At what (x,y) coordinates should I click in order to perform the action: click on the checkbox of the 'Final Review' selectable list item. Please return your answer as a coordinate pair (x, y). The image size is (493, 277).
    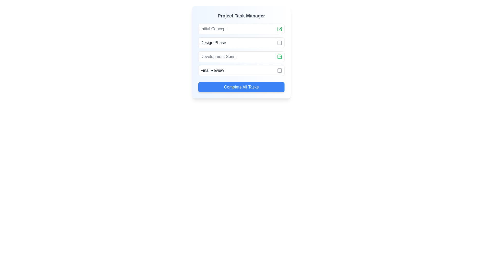
    Looking at the image, I should click on (241, 70).